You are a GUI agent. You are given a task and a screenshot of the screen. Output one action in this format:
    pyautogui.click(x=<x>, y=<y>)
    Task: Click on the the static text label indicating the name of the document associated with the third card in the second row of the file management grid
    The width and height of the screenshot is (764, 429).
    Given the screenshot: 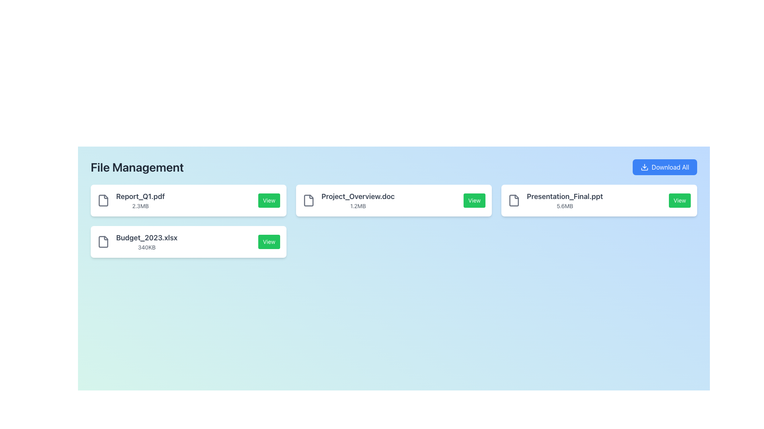 What is the action you would take?
    pyautogui.click(x=357, y=196)
    